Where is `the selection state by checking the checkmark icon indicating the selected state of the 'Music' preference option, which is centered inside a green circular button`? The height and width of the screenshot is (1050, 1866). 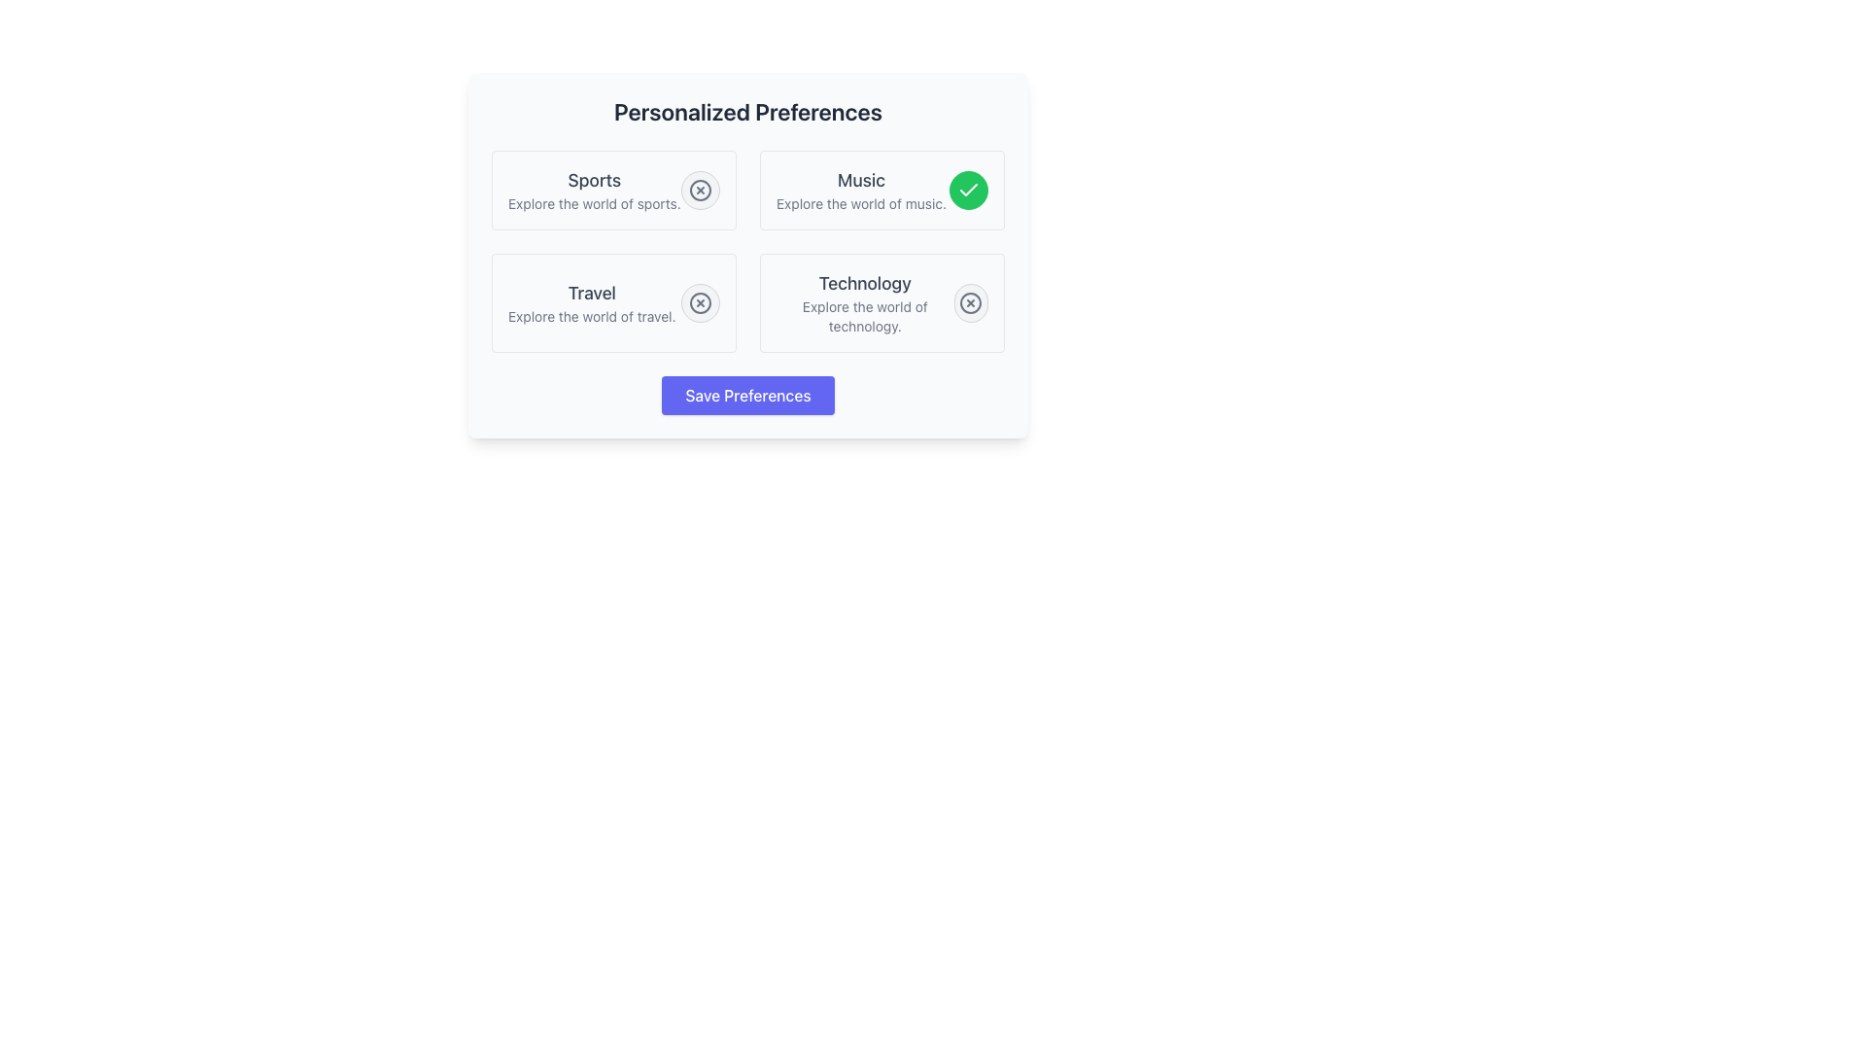 the selection state by checking the checkmark icon indicating the selected state of the 'Music' preference option, which is centered inside a green circular button is located at coordinates (969, 191).